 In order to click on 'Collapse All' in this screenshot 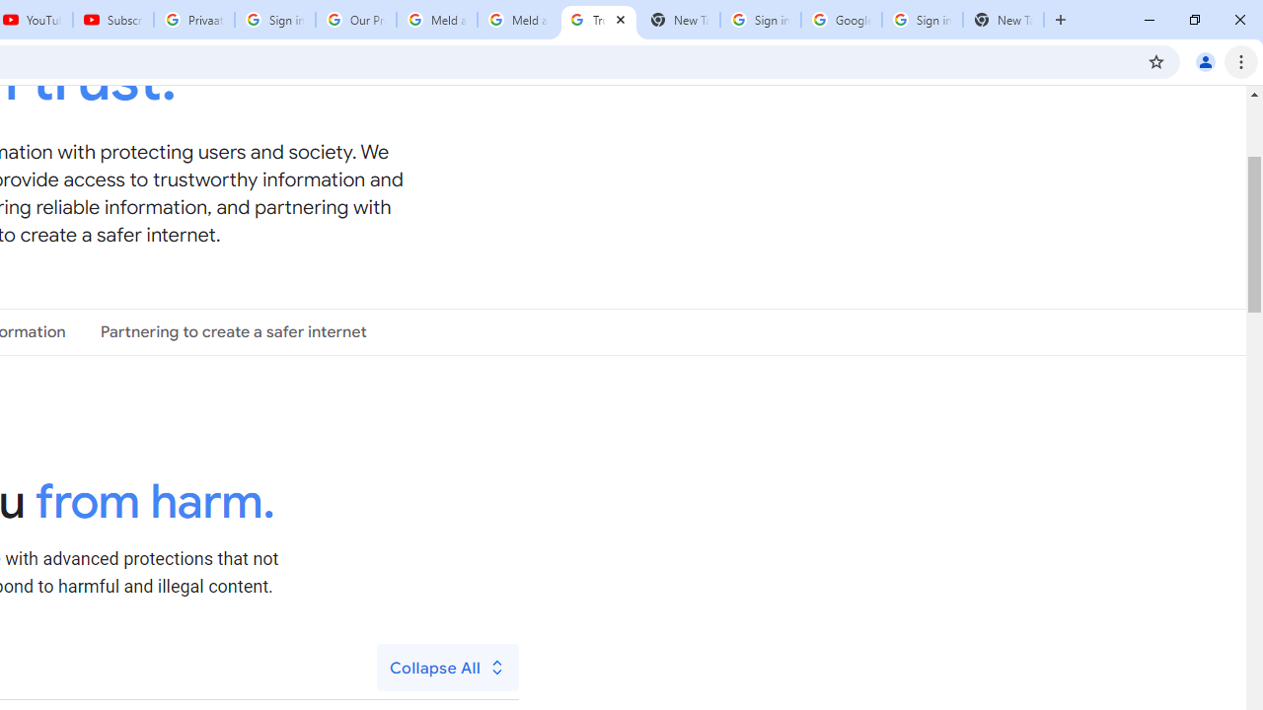, I will do `click(447, 667)`.